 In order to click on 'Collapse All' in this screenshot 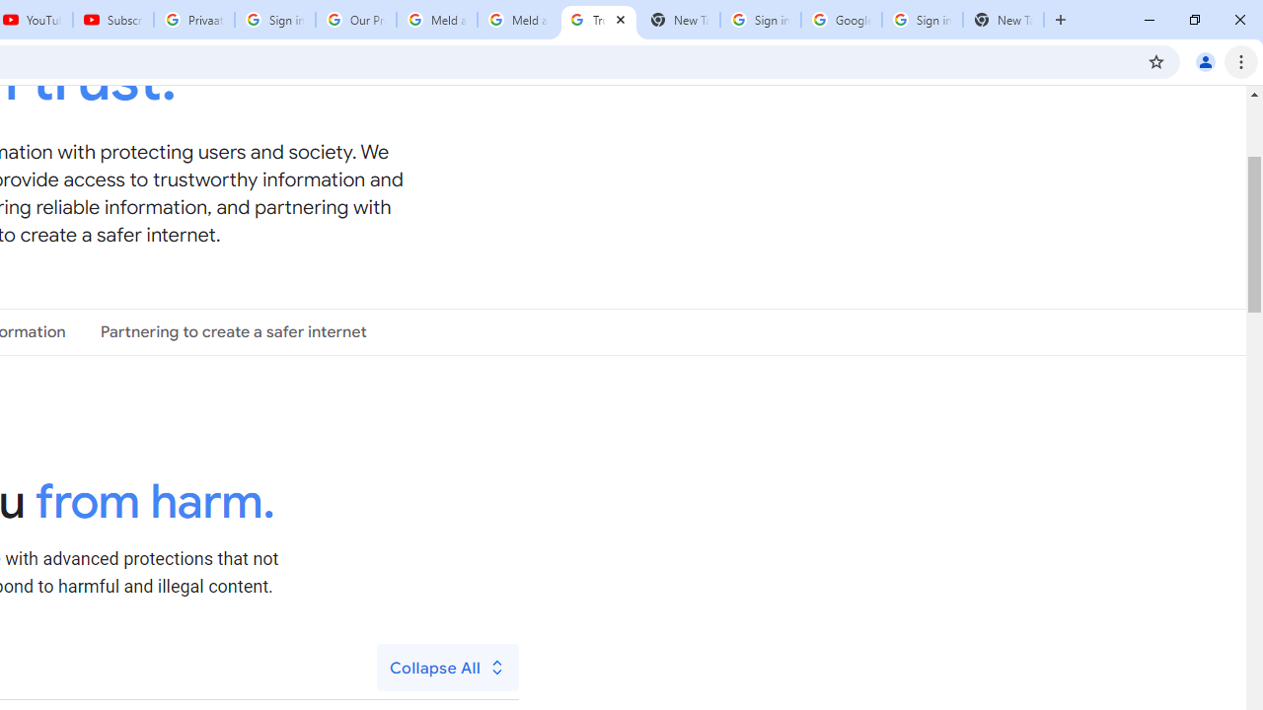, I will do `click(447, 667)`.